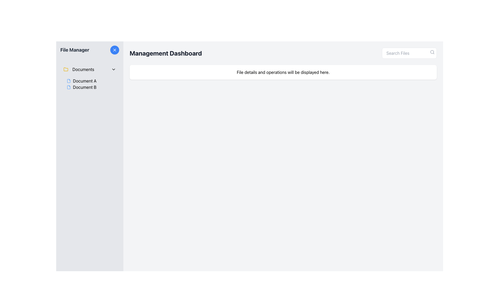  I want to click on the yellow folder icon located in the left sidebar under the 'File Manager' title, positioned to the left of 'Documents', so click(65, 69).